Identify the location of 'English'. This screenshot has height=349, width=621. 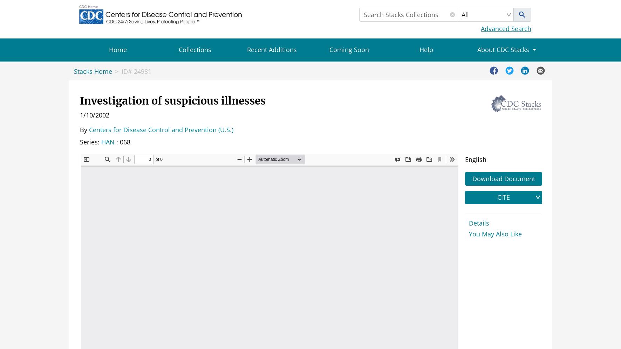
(465, 158).